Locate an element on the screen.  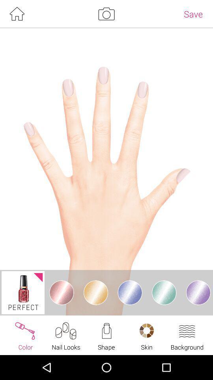
the photo icon is located at coordinates (106, 14).